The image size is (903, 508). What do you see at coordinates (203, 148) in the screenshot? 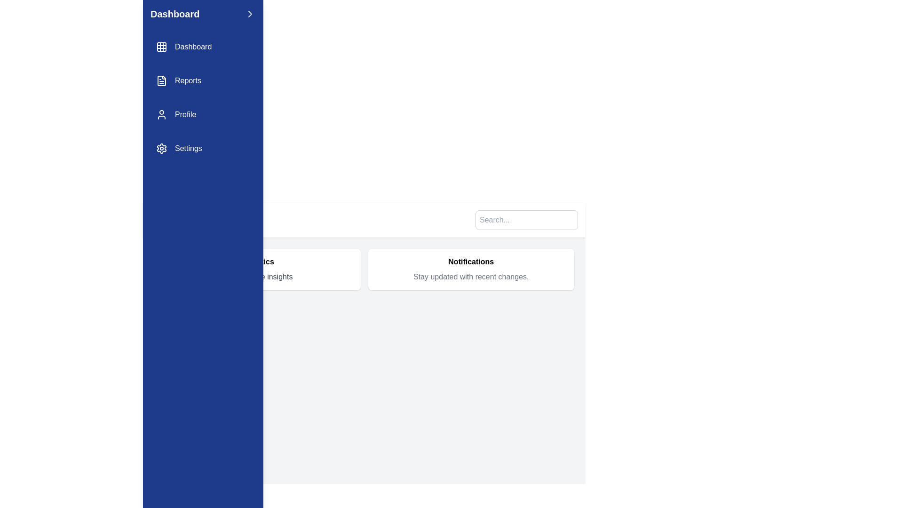
I see `the navigation link for settings, which is the fourth item in the vertical list on the left navigation menu, located below 'Profile'` at bounding box center [203, 148].